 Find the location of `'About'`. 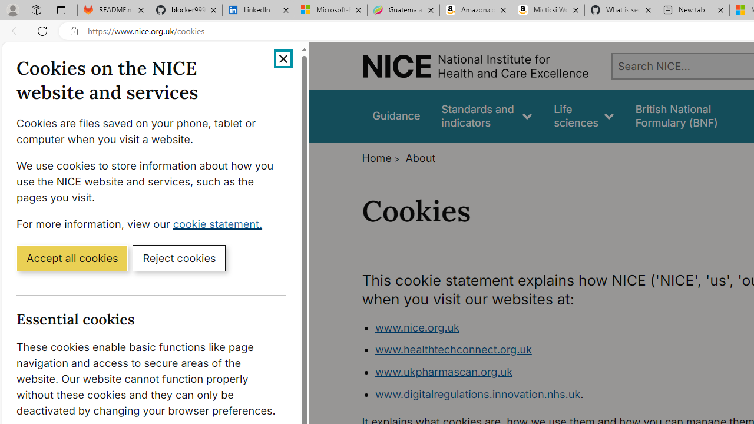

'About' is located at coordinates (421, 158).